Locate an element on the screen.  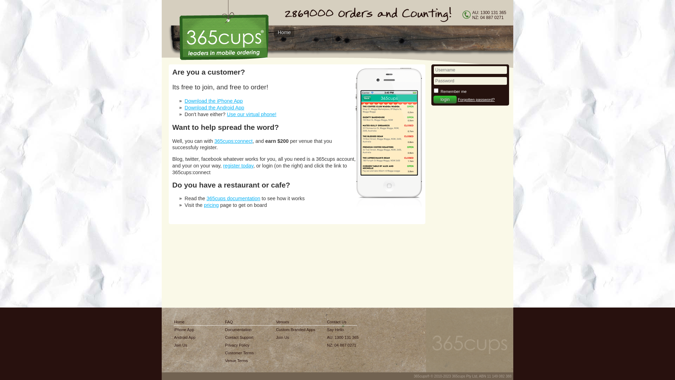
'Join Us' is located at coordinates (185, 344).